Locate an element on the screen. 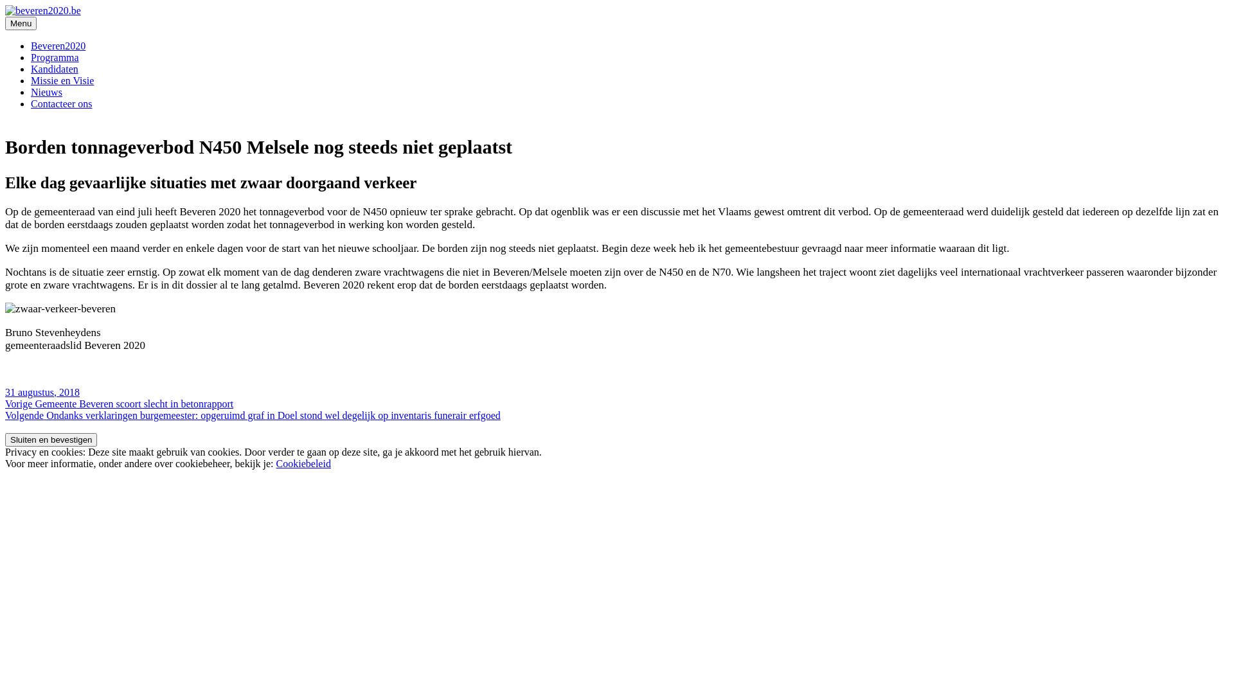  'Menu' is located at coordinates (21, 23).